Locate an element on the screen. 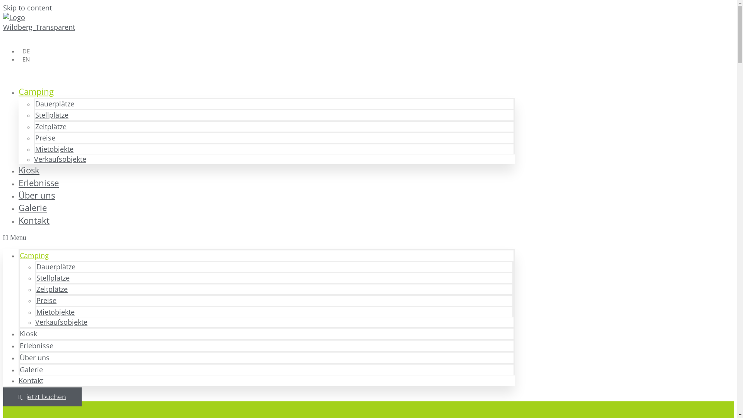 The width and height of the screenshot is (743, 418). 'Erlebnisse' is located at coordinates (38, 183).